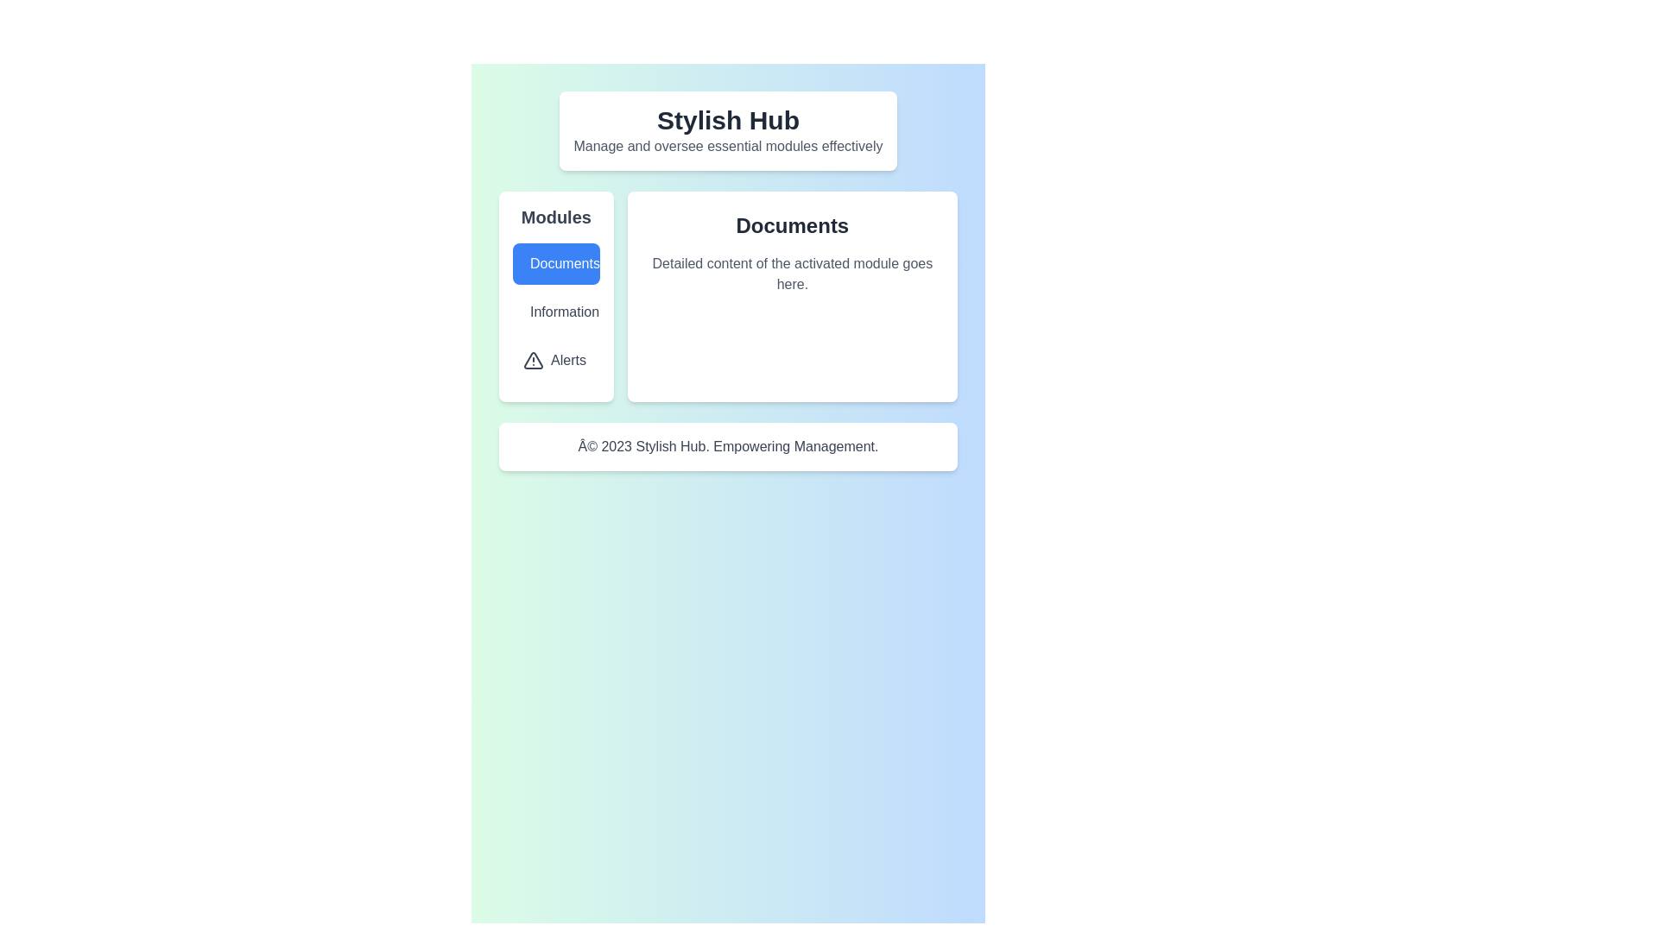 Image resolution: width=1658 pixels, height=932 pixels. I want to click on the text label that reads 'Manage and oversee essential modules effectively,' which is styled in muted gray and positioned under the heading 'Stylish Hub.', so click(728, 145).